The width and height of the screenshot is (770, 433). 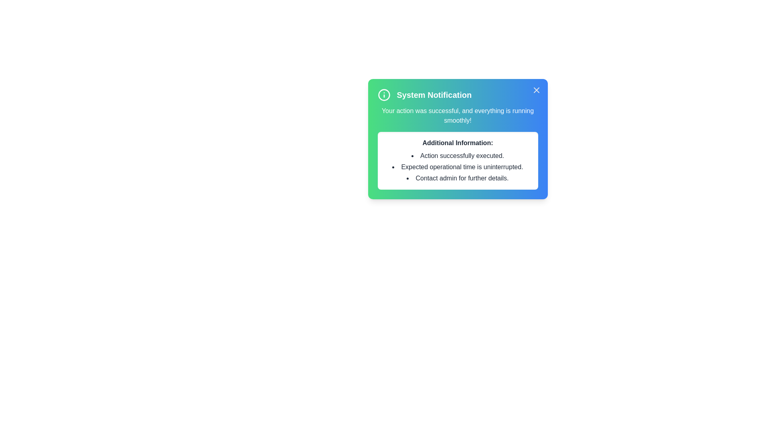 What do you see at coordinates (536, 90) in the screenshot?
I see `the close button of the alert to close it` at bounding box center [536, 90].